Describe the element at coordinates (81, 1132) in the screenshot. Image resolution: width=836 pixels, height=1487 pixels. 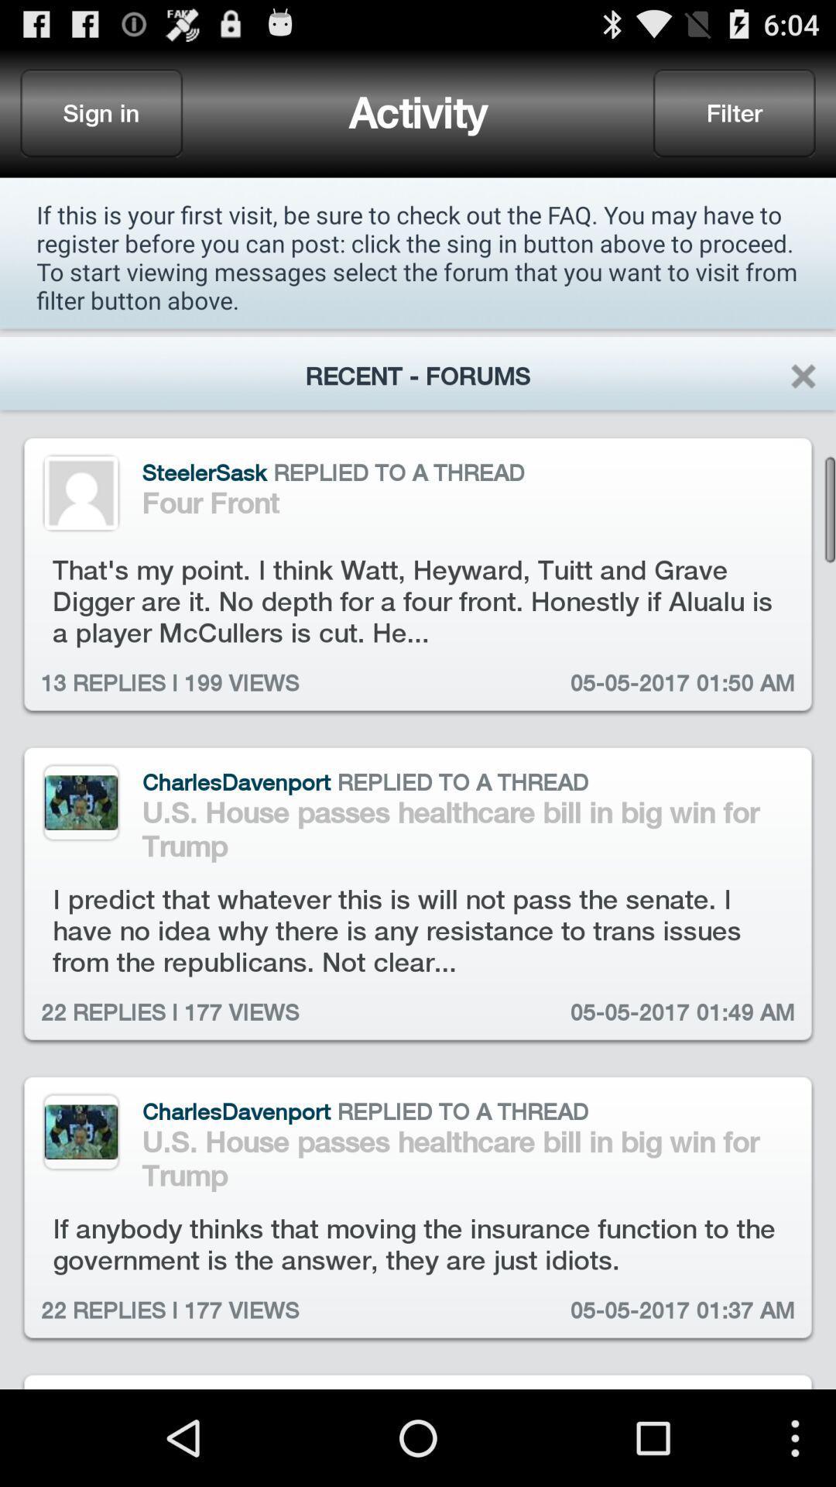
I see `profile photo` at that location.